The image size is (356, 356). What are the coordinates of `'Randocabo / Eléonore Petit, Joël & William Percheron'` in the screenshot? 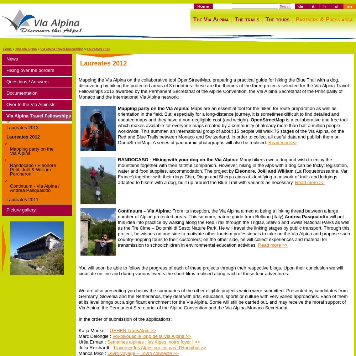 It's located at (32, 169).